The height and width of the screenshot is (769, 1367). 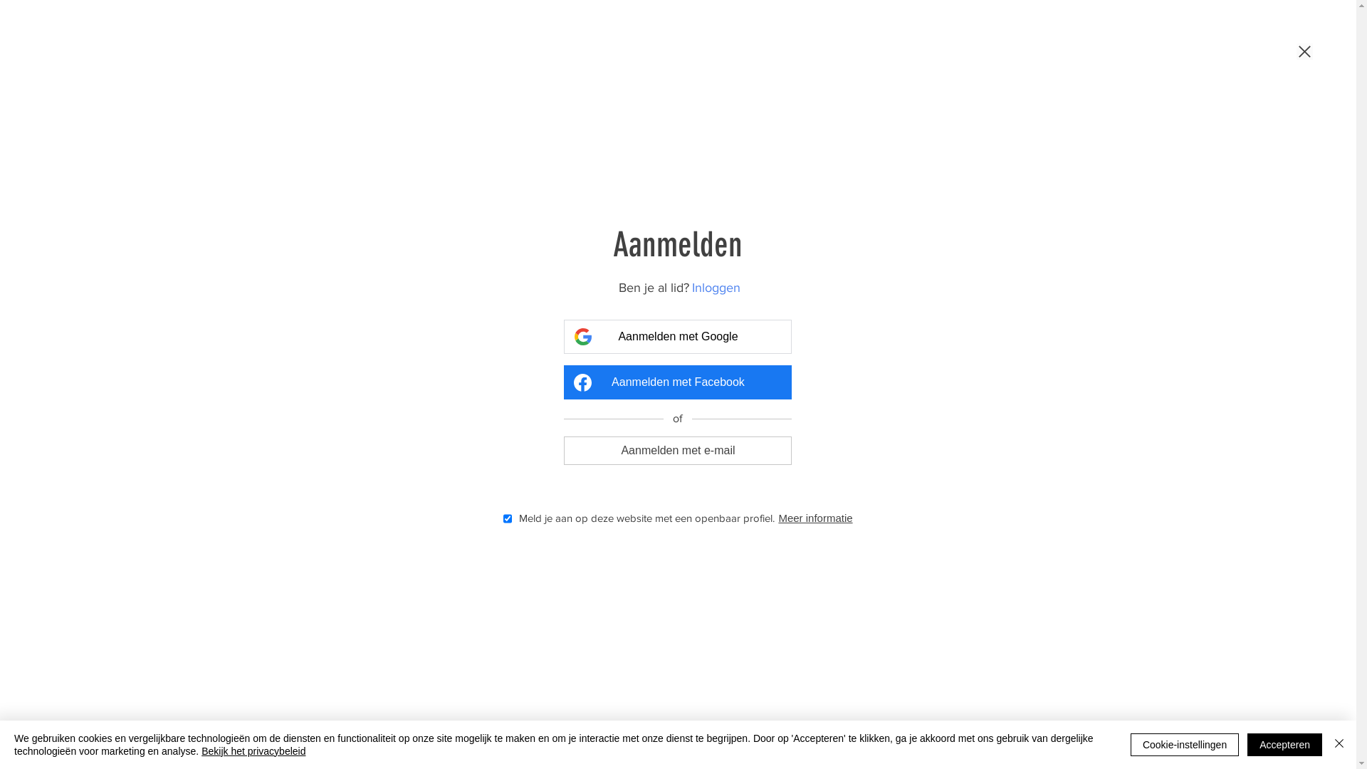 What do you see at coordinates (717, 288) in the screenshot?
I see `'Inloggen'` at bounding box center [717, 288].